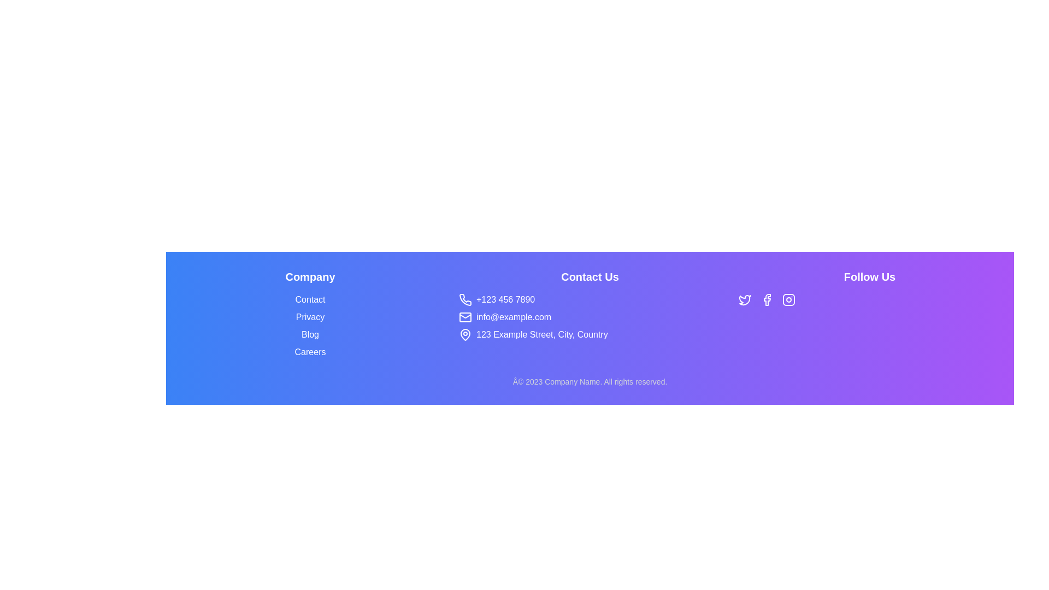 The image size is (1049, 590). What do you see at coordinates (465, 317) in the screenshot?
I see `the envelope icon located to the left of the email address 'info@example.com' under the 'Contact Us' section` at bounding box center [465, 317].